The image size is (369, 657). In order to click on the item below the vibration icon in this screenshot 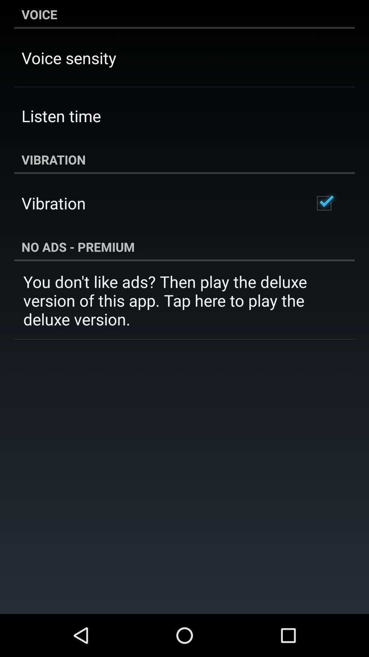, I will do `click(324, 203)`.